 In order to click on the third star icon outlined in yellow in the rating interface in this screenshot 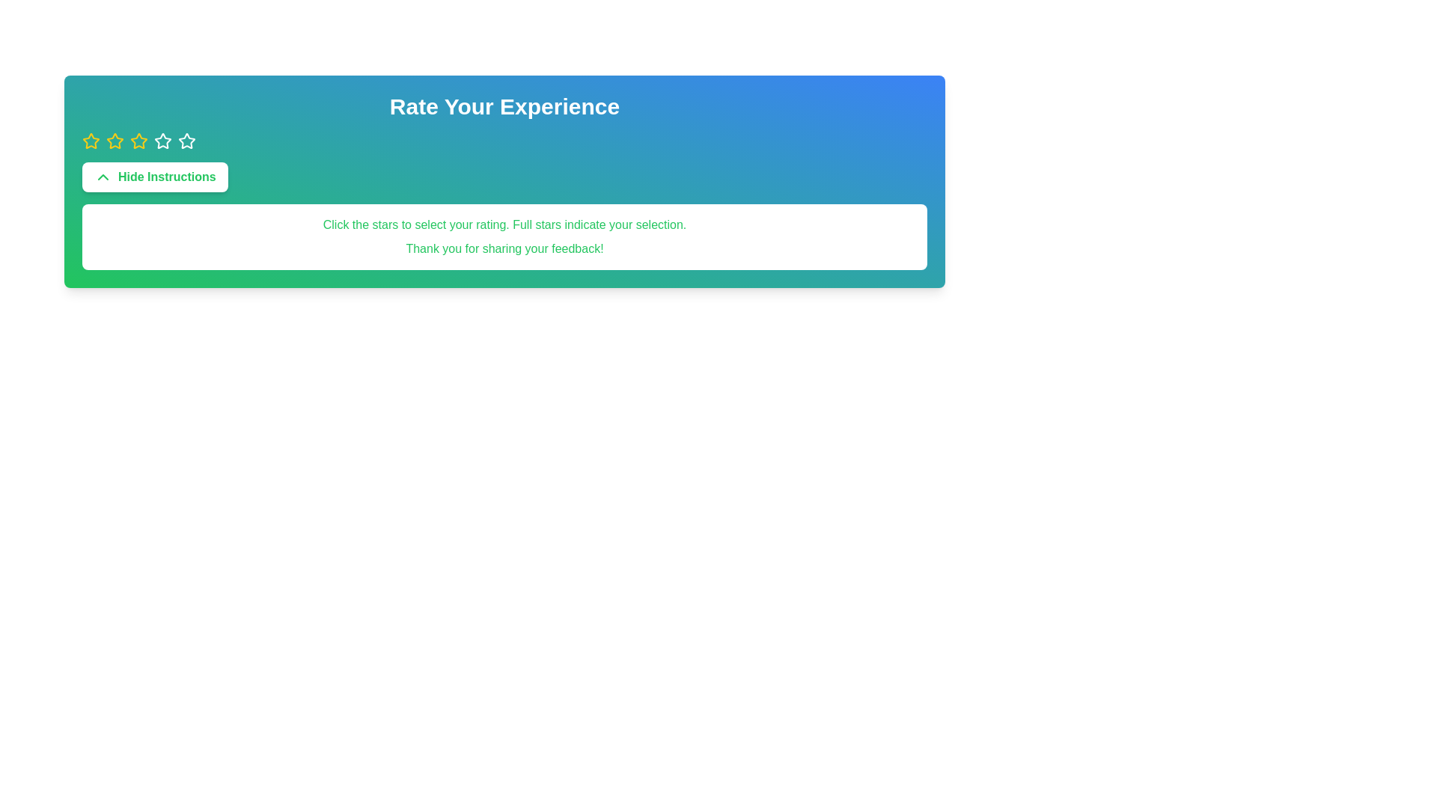, I will do `click(139, 141)`.